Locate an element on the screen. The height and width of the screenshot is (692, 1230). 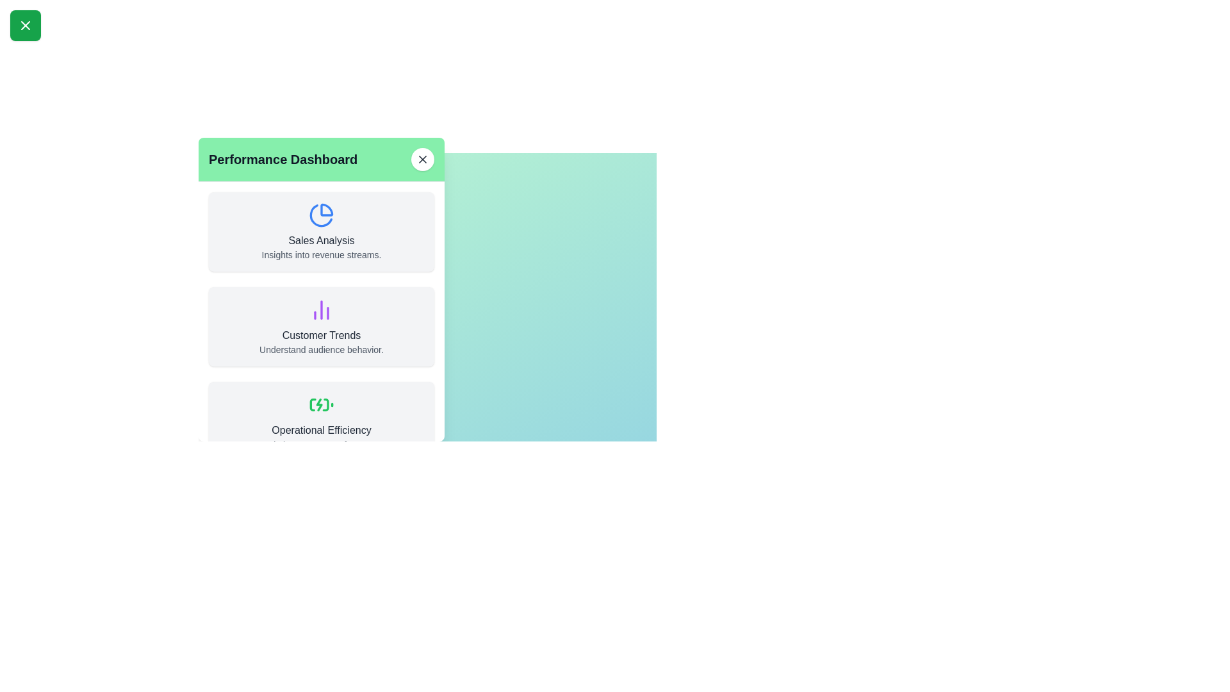
text from the Text Label reading 'Operational Efficiency', which is styled with a medium-bold font and dark gray color, located beneath a green icon in the third card of the vertical stack on the left panel is located at coordinates (322, 430).